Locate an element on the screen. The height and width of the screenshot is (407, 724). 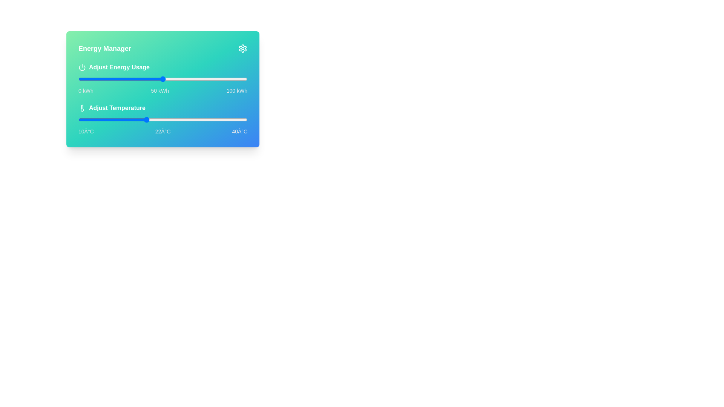
the temperature to 35°C using the slider is located at coordinates (219, 119).